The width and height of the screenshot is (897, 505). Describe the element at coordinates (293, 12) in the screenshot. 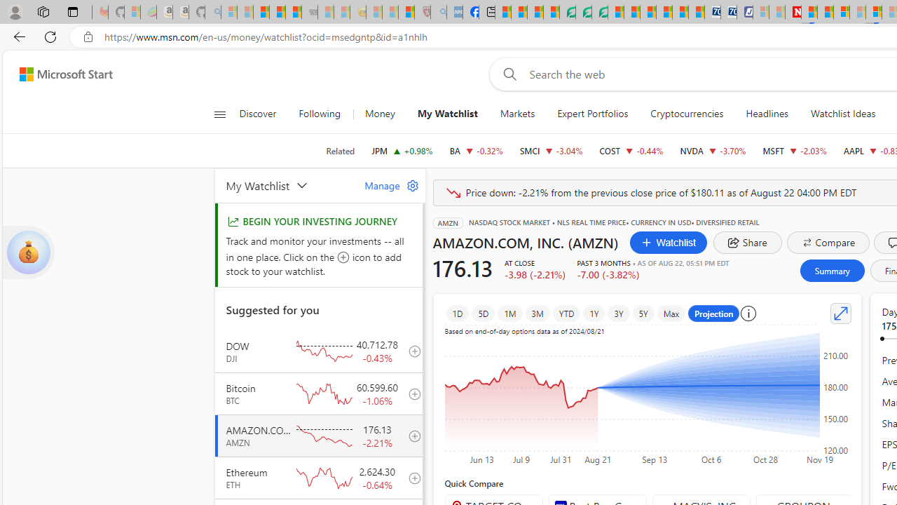

I see `'New Report Confirms 2023 Was Record Hot | Watch'` at that location.